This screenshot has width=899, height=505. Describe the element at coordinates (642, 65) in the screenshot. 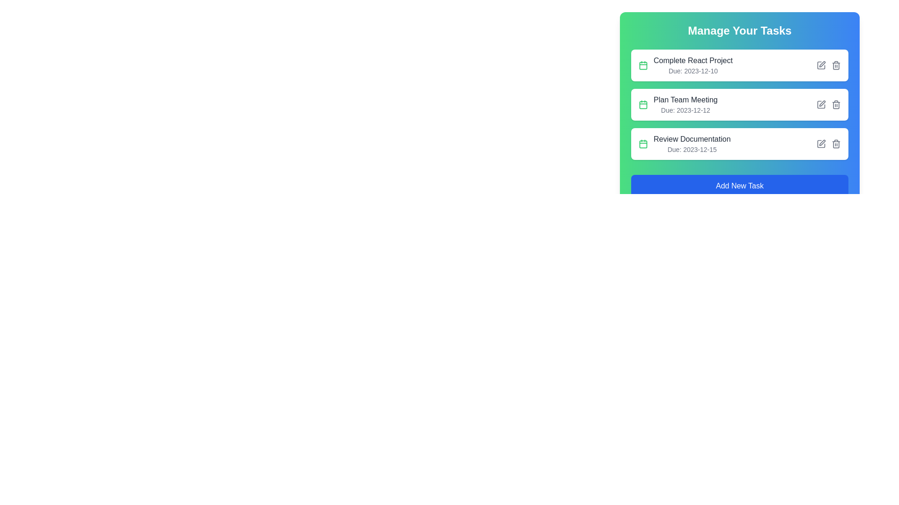

I see `the calendar icon in the task card labeled 'Complete React Project' by clicking on its background rectangle with rounded corners` at that location.